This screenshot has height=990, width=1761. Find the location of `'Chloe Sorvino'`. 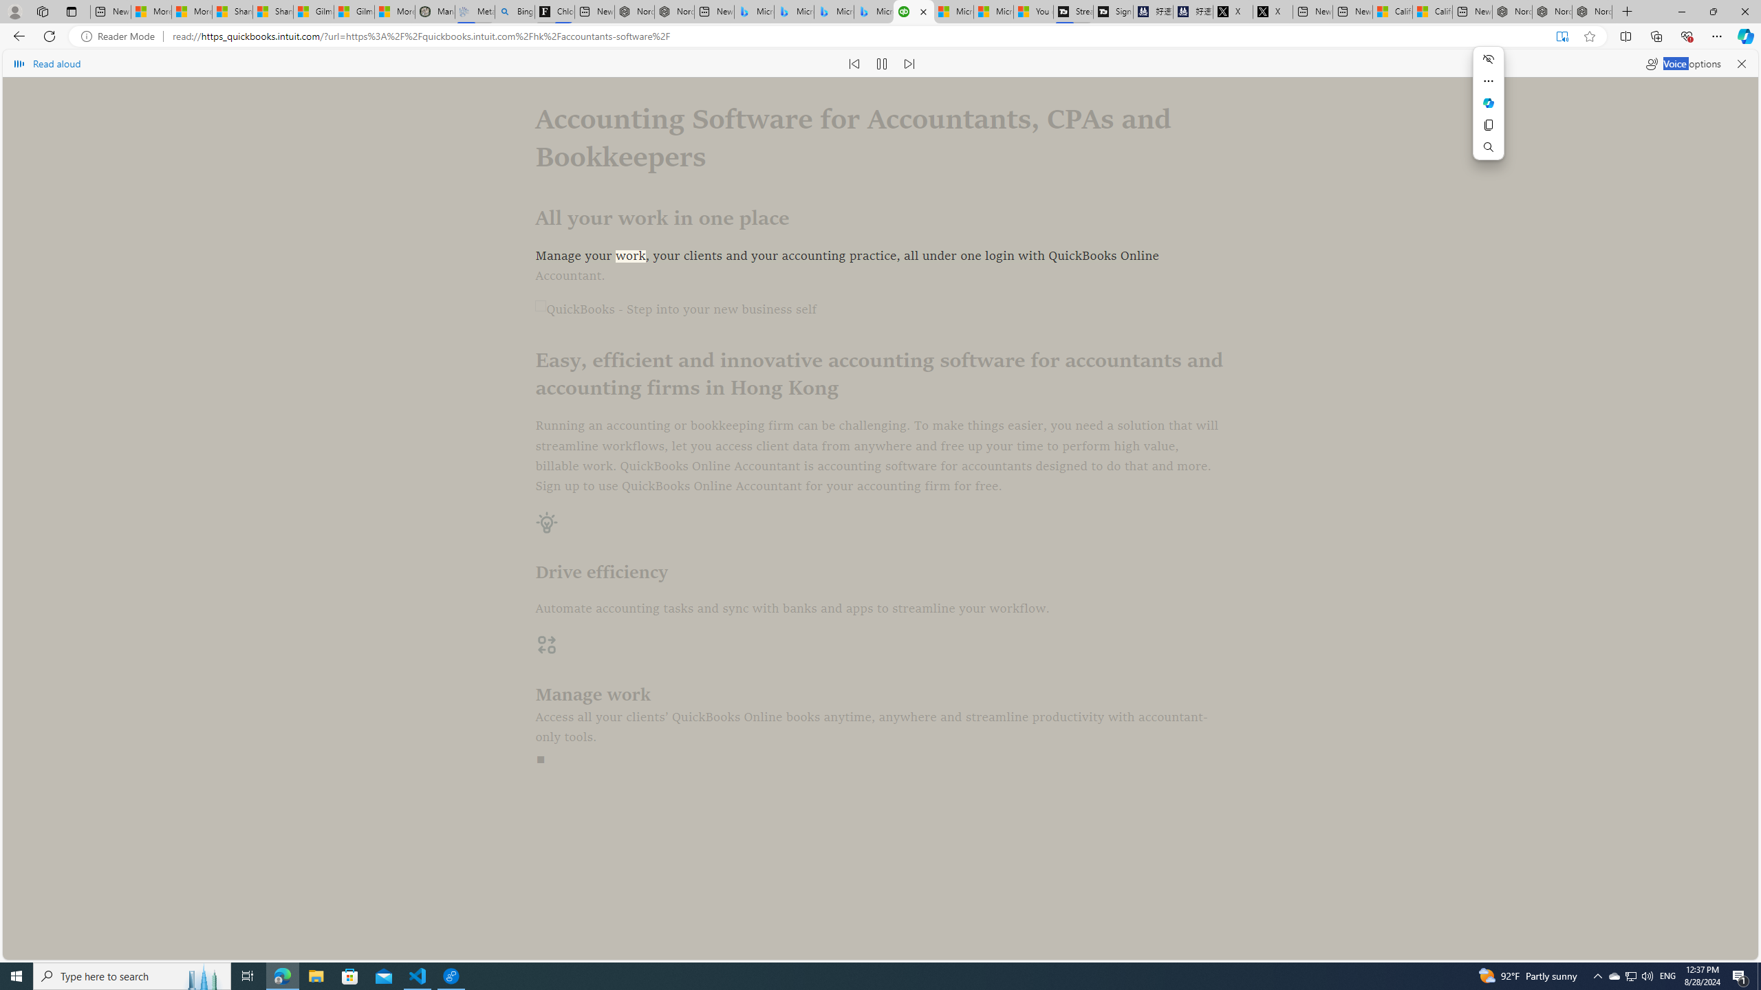

'Chloe Sorvino' is located at coordinates (554, 11).